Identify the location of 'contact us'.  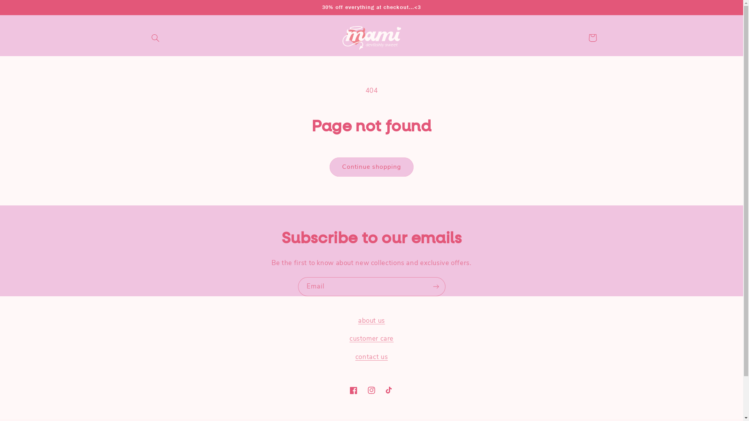
(371, 357).